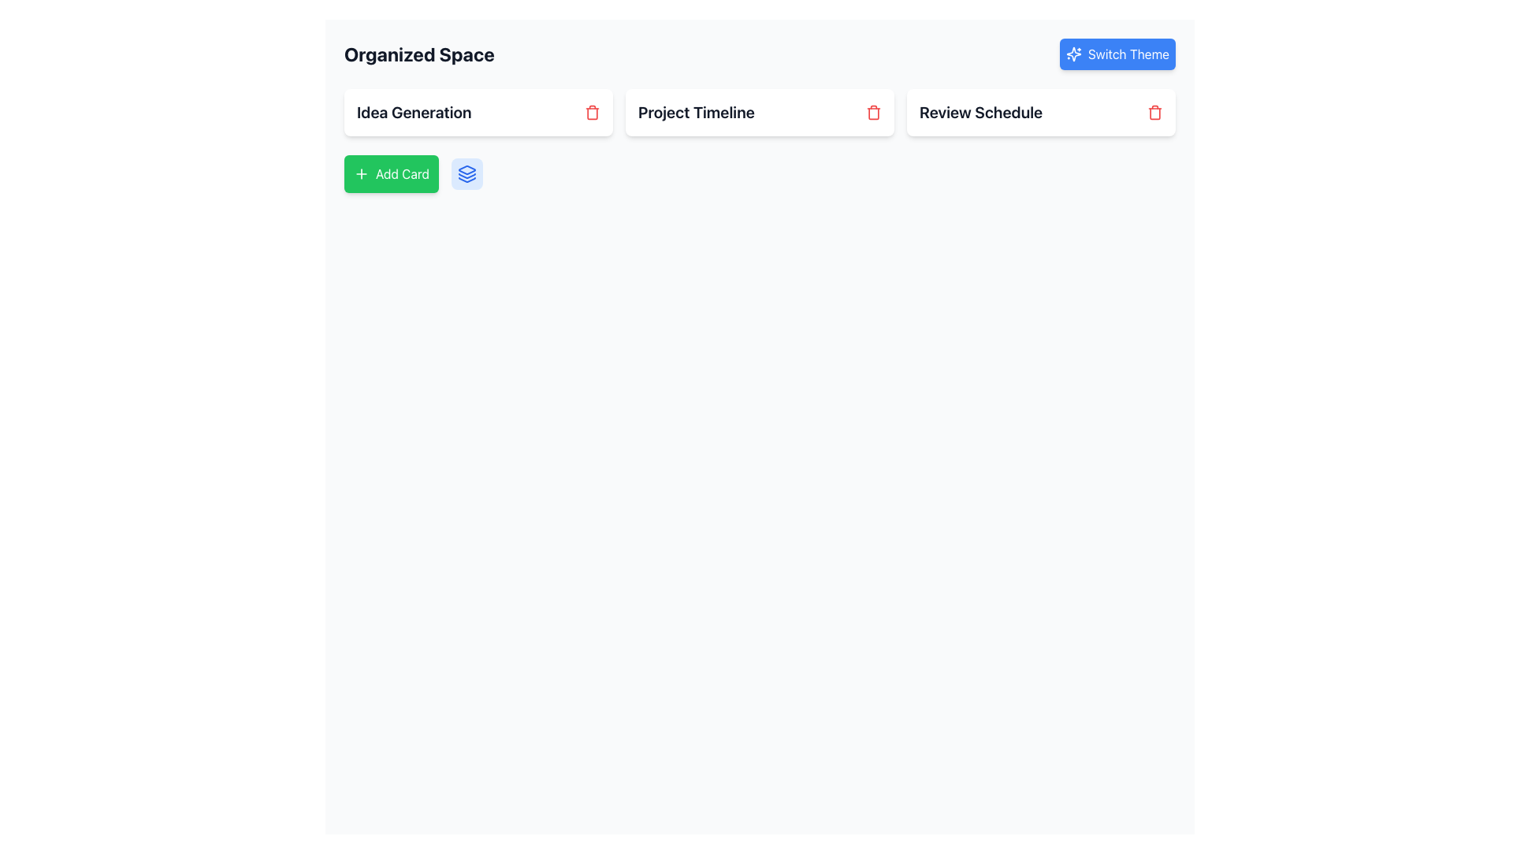  What do you see at coordinates (1072, 54) in the screenshot?
I see `the sparkles-shaped icon with a blue background located on the left side of the 'Switch Theme' button` at bounding box center [1072, 54].